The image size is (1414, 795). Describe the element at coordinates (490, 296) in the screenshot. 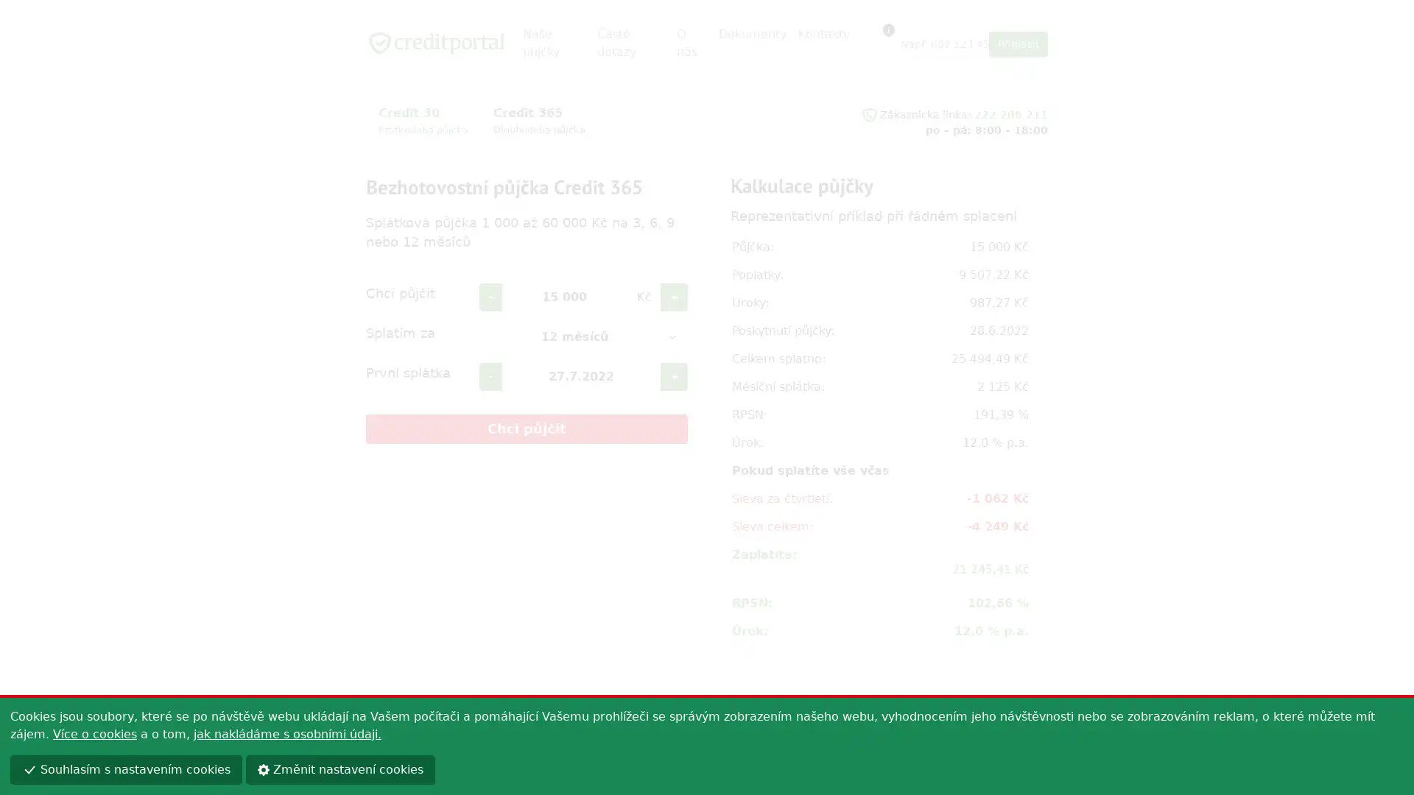

I see `-` at that location.